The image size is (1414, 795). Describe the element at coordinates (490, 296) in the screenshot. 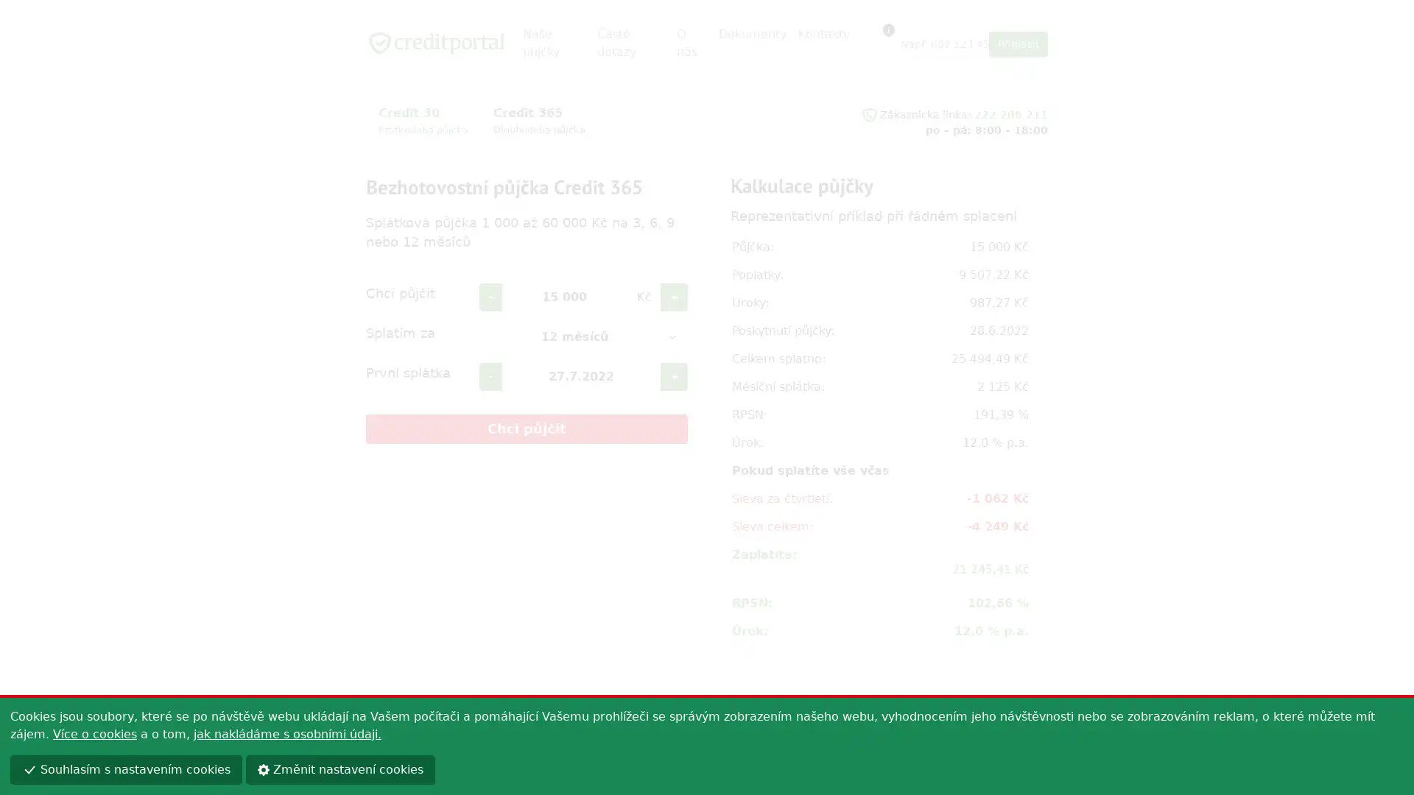

I see `-` at that location.